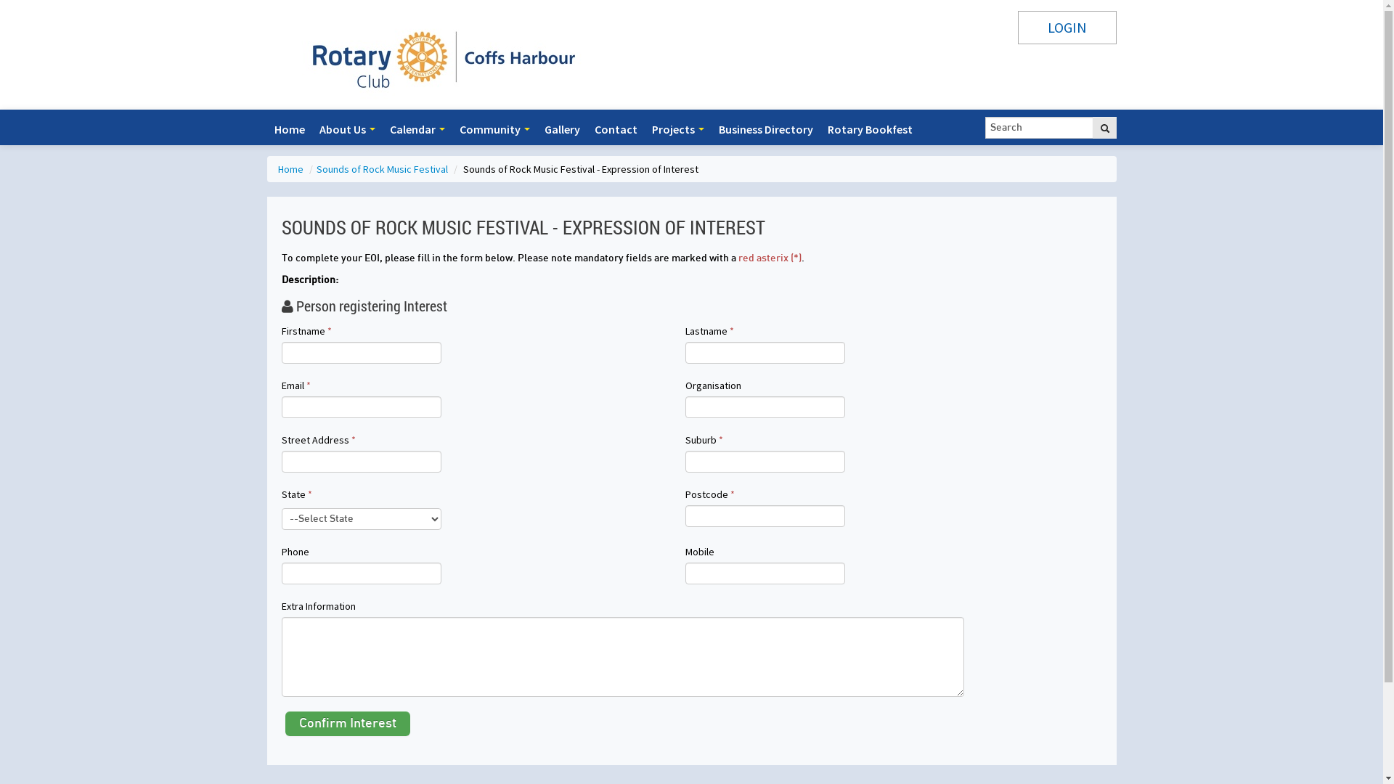 The width and height of the screenshot is (1394, 784). I want to click on 'Sounds of Rock Music Festival', so click(383, 168).